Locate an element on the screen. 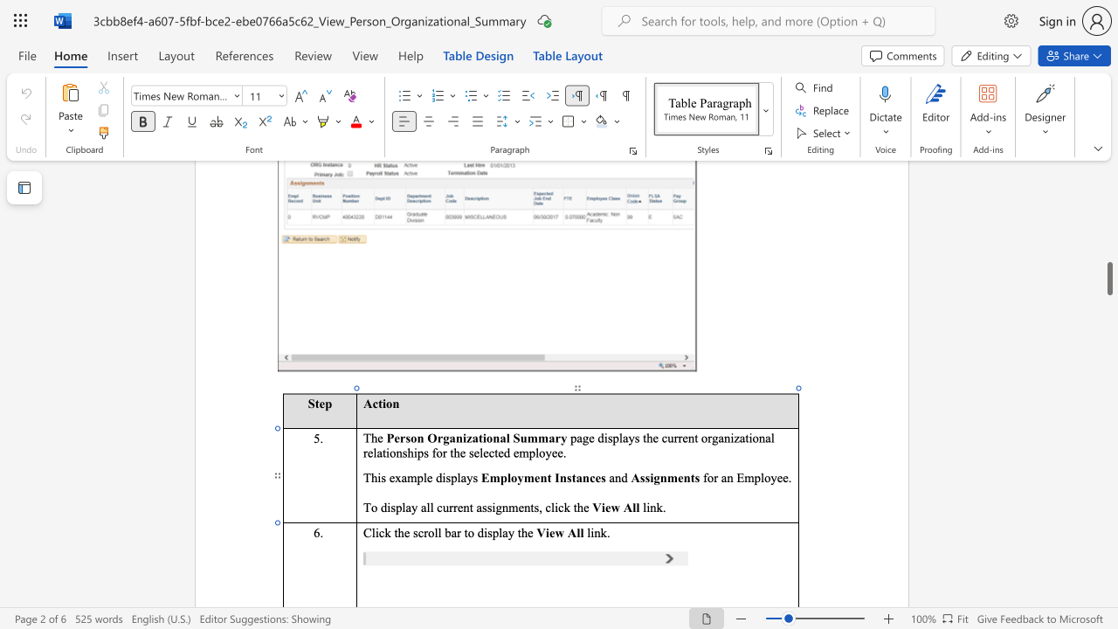  the space between the continuous character "c" and "e" in the text is located at coordinates (595, 478).